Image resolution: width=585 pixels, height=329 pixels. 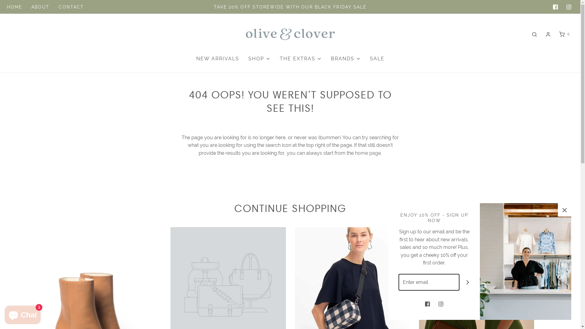 What do you see at coordinates (7, 7) in the screenshot?
I see `'HOME'` at bounding box center [7, 7].